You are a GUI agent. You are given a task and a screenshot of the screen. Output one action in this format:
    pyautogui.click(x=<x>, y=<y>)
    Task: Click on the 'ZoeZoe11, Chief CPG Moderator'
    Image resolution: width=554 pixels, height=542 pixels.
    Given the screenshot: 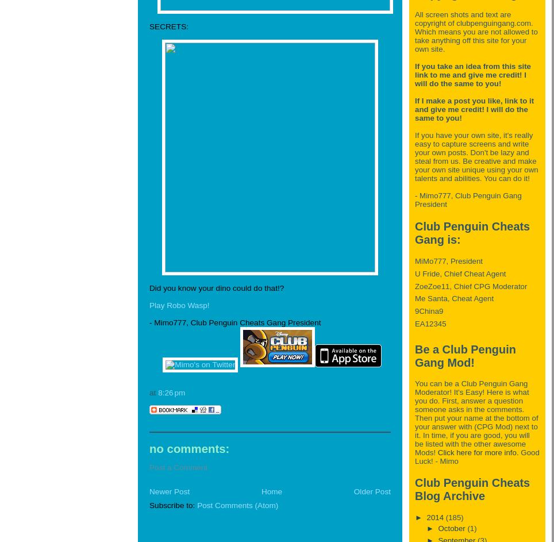 What is the action you would take?
    pyautogui.click(x=470, y=285)
    